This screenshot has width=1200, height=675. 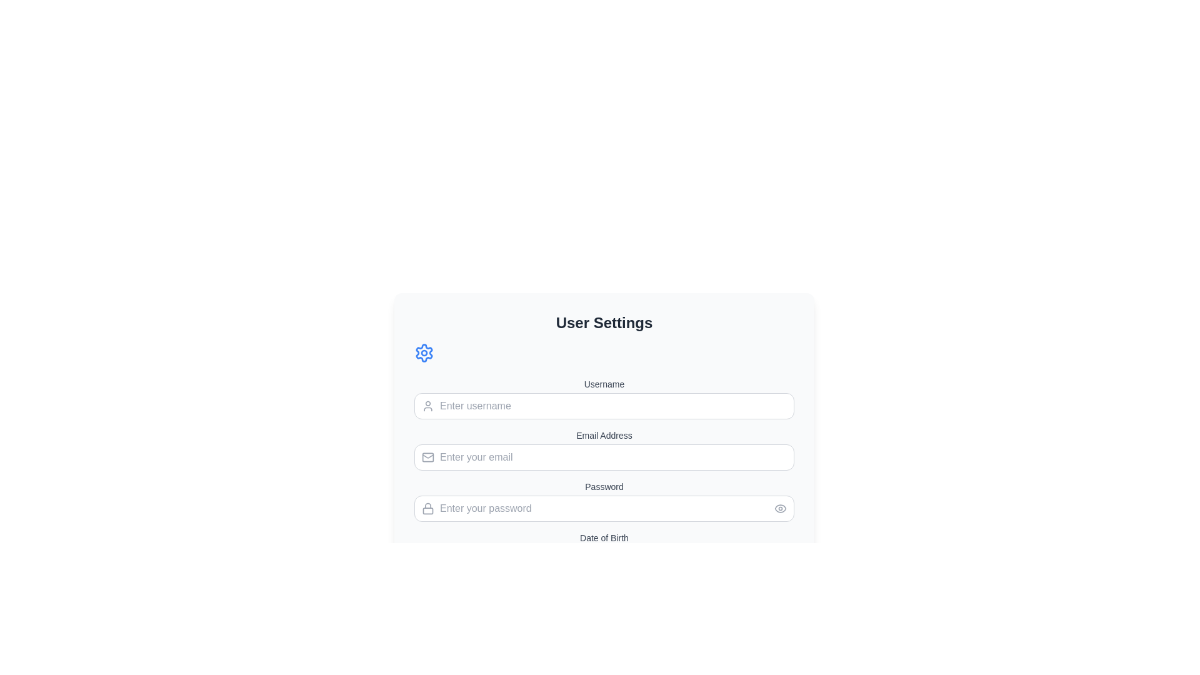 What do you see at coordinates (428, 406) in the screenshot?
I see `the icon that visually indicates the username input field, located to the far left of the input field and aligned vertically with its center` at bounding box center [428, 406].